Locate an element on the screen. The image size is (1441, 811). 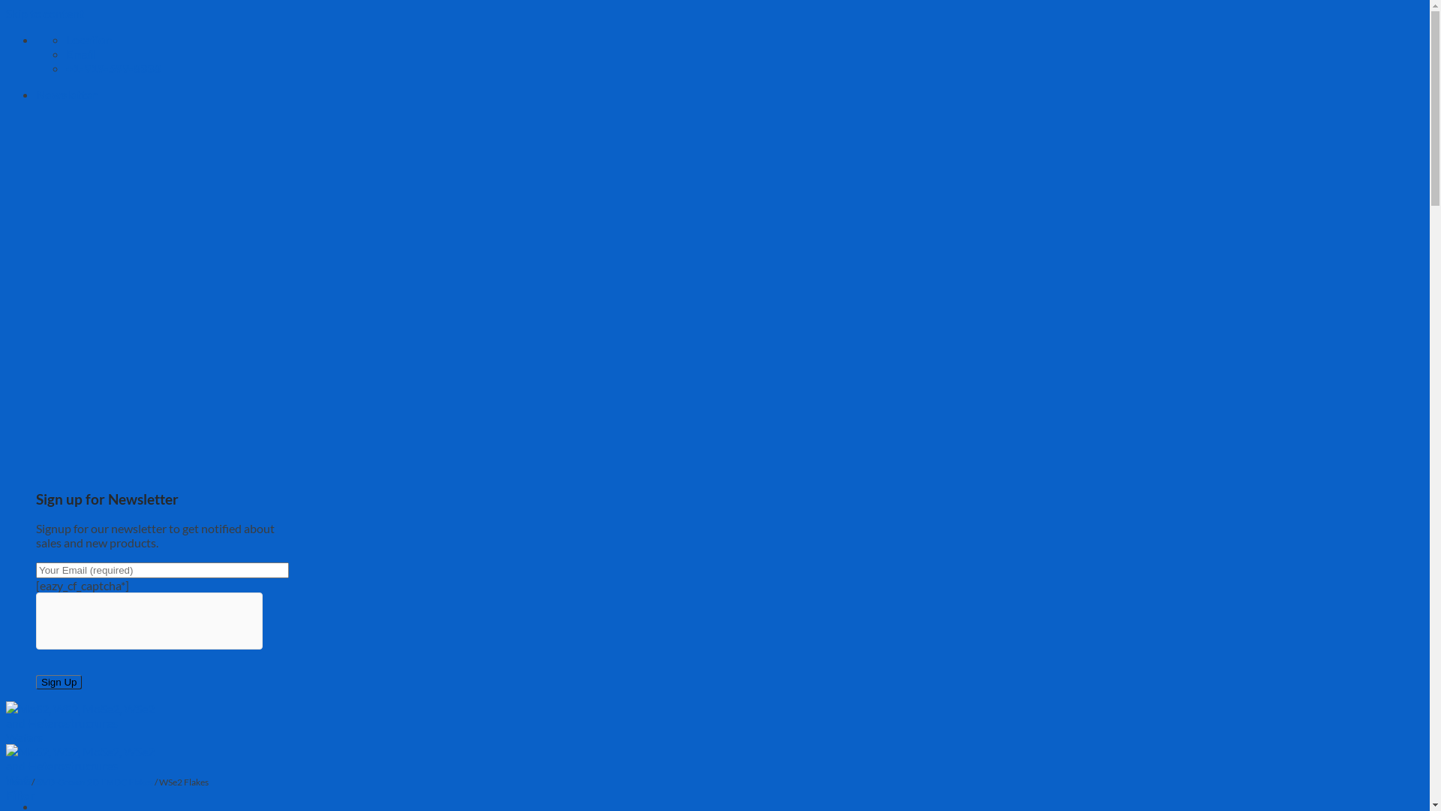
'Sign Up' is located at coordinates (59, 682).